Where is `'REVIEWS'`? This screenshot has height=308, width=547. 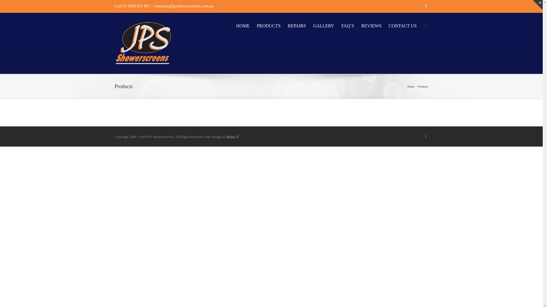 'REVIEWS' is located at coordinates (371, 25).